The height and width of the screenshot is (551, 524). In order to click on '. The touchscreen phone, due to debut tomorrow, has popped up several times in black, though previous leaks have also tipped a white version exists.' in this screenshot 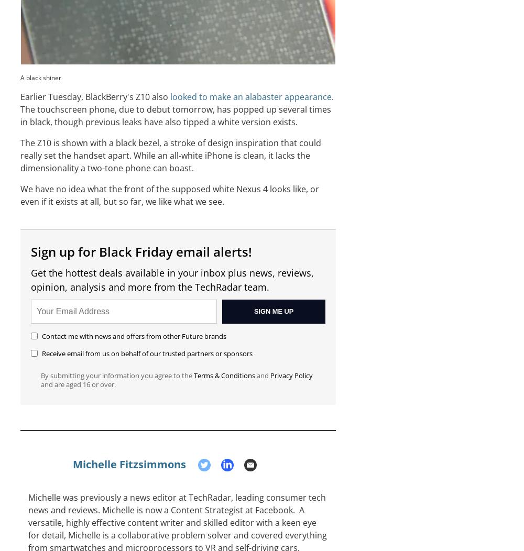, I will do `click(177, 109)`.